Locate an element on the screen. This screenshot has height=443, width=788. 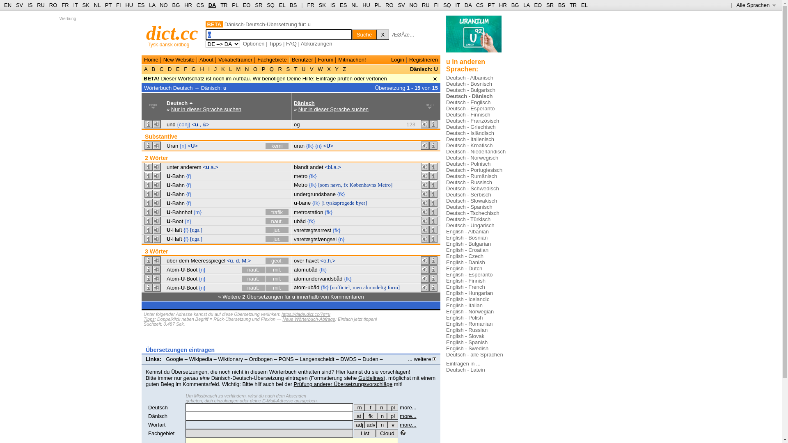
'S' is located at coordinates (288, 69).